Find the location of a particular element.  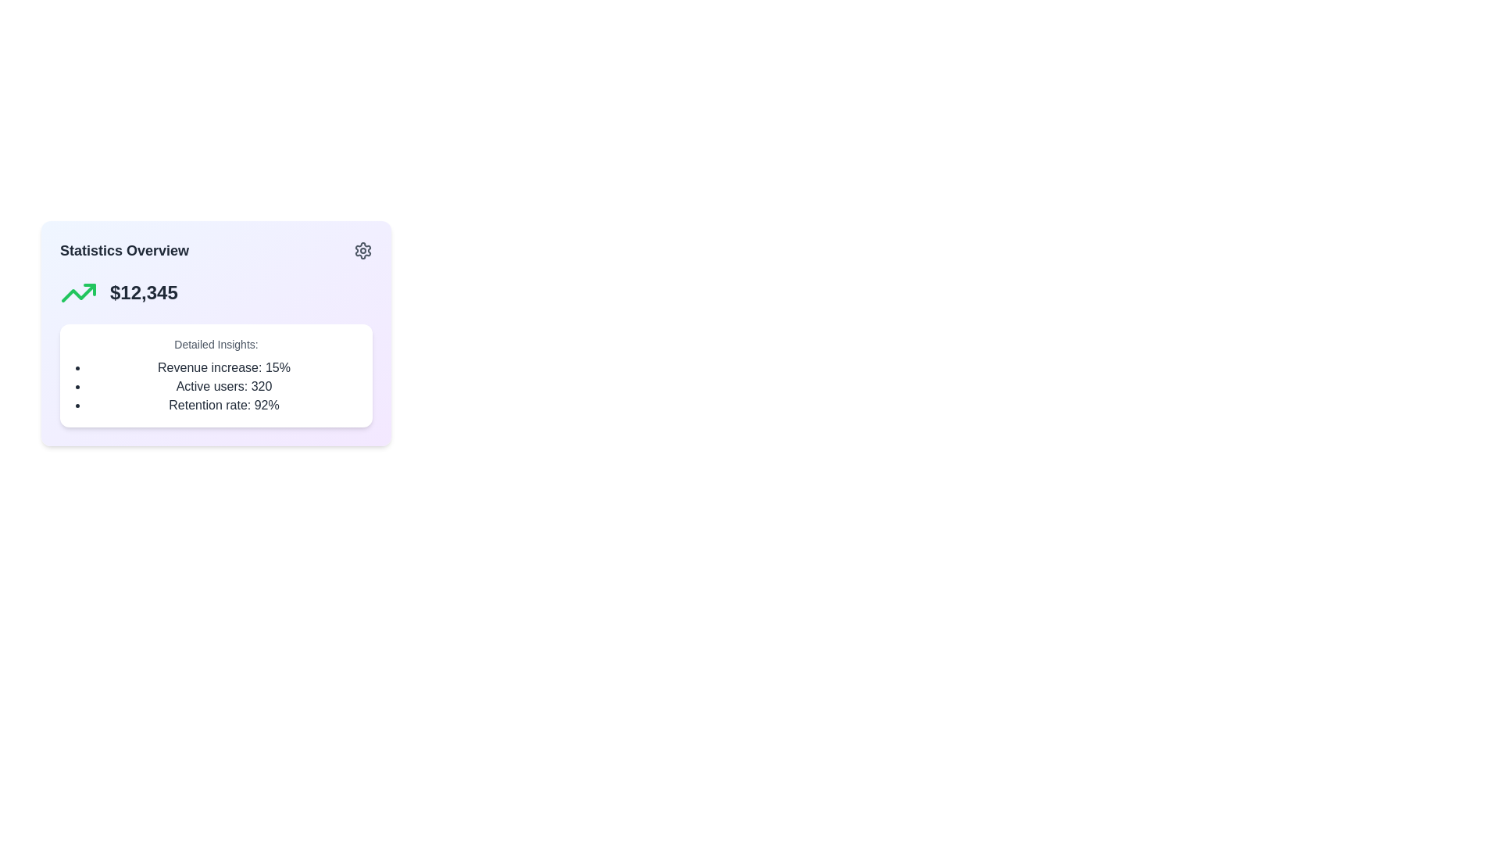

the static text label reading 'Retention rate: 92%' located within the 'Detailed Insights' section is located at coordinates (223, 405).